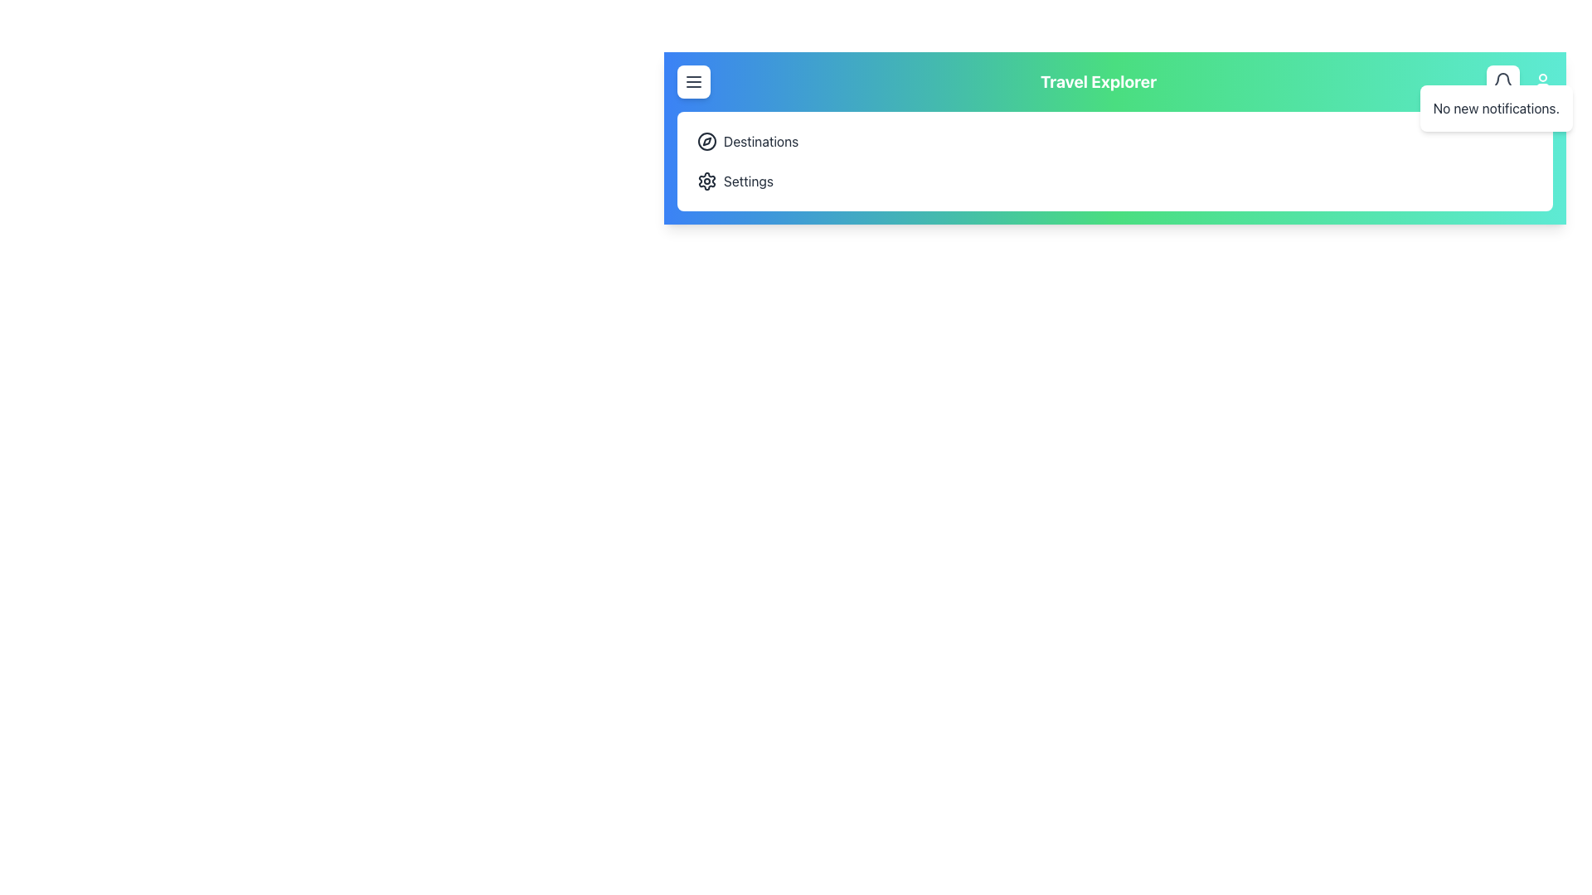  I want to click on the gear icon representing settings, which is the leftmost component of the labeled 'Settings' list item in the vertical menu, so click(707, 181).